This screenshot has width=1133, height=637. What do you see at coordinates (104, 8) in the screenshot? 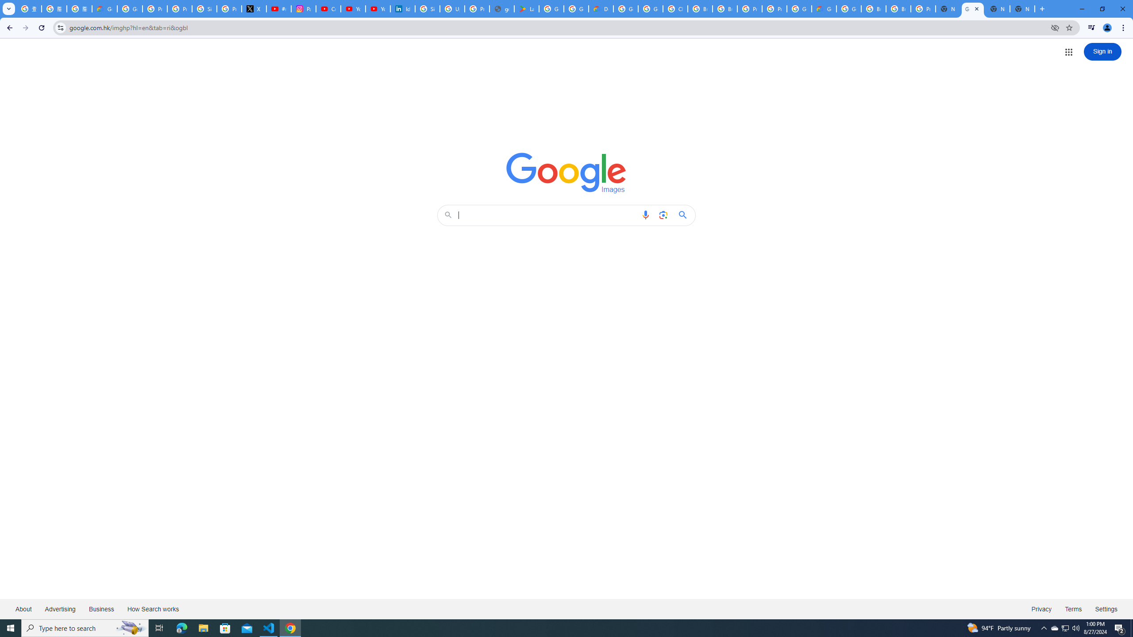
I see `'Google Cloud Privacy Notice'` at bounding box center [104, 8].